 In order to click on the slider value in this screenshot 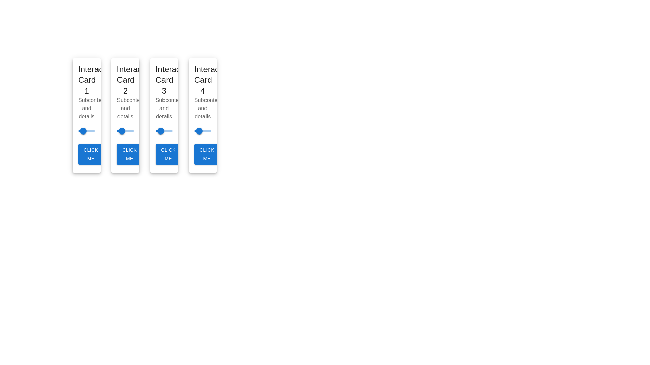, I will do `click(81, 131)`.